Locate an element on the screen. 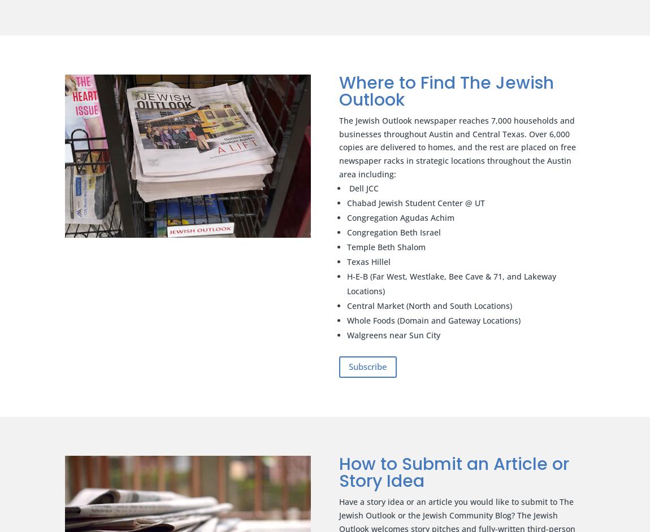 This screenshot has width=650, height=532. 'Texas Hillel' is located at coordinates (368, 260).